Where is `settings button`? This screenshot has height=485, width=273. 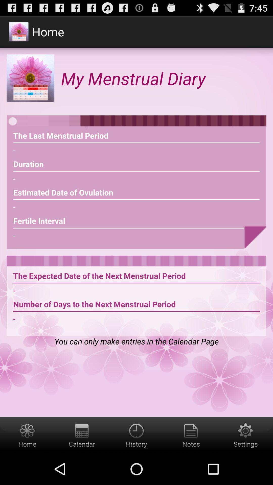 settings button is located at coordinates (245, 435).